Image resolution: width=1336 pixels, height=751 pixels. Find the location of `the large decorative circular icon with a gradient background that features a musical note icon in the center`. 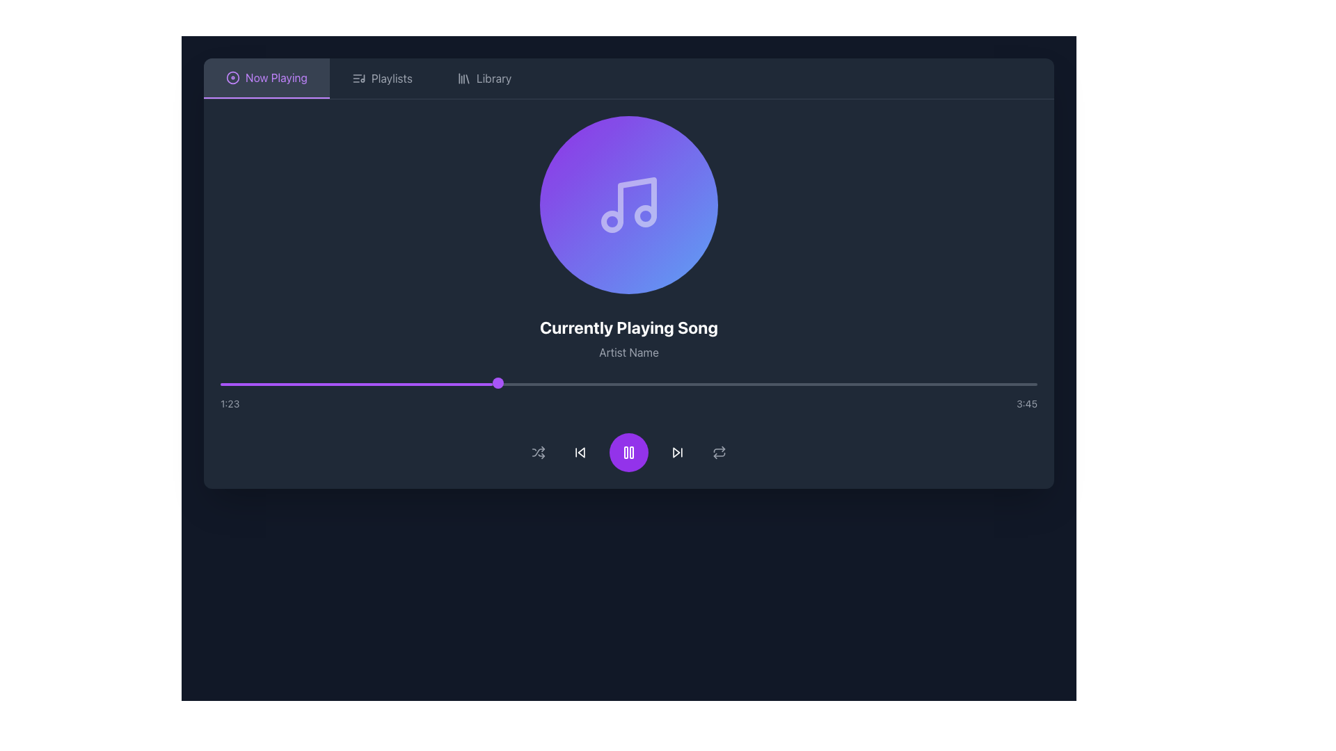

the large decorative circular icon with a gradient background that features a musical note icon in the center is located at coordinates (628, 204).